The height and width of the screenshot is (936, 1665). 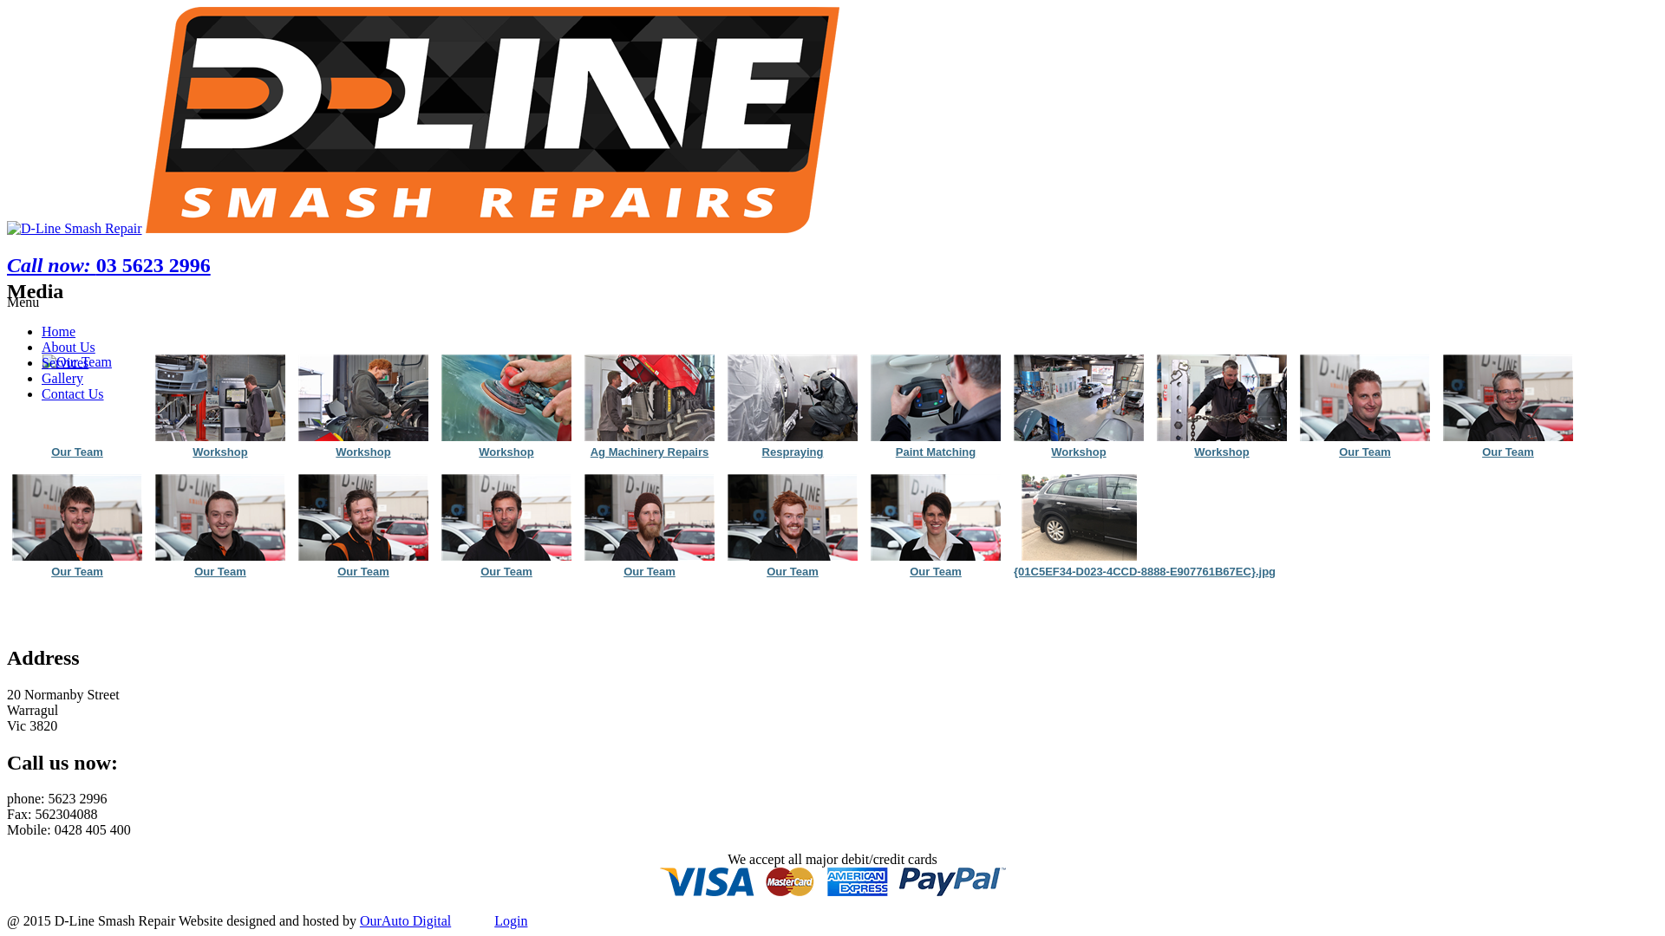 I want to click on 'Gallery', so click(x=62, y=377).